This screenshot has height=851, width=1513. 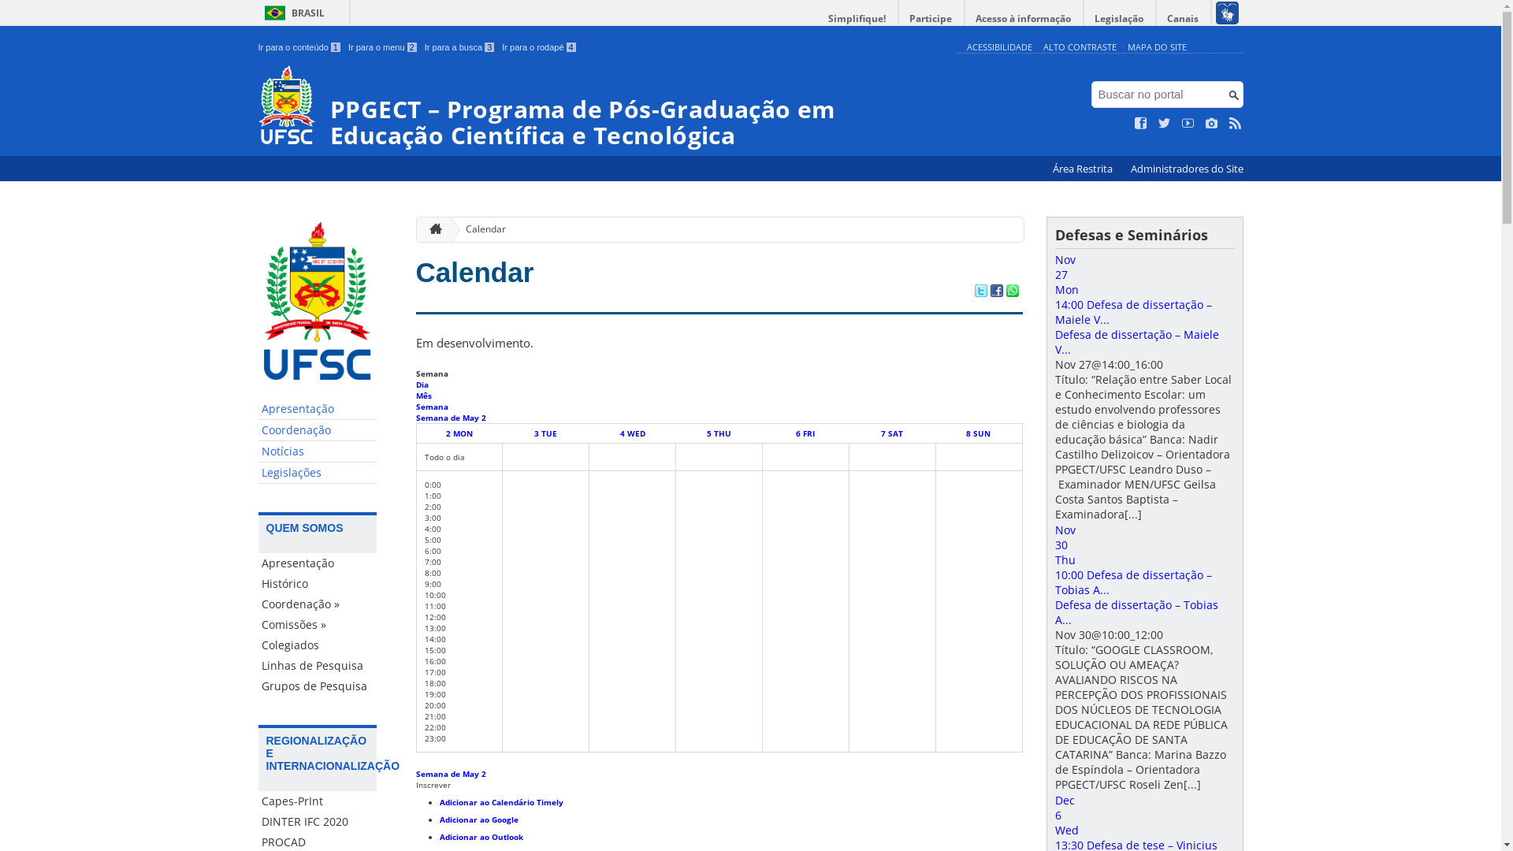 I want to click on 'Veja no Instagram', so click(x=1205, y=123).